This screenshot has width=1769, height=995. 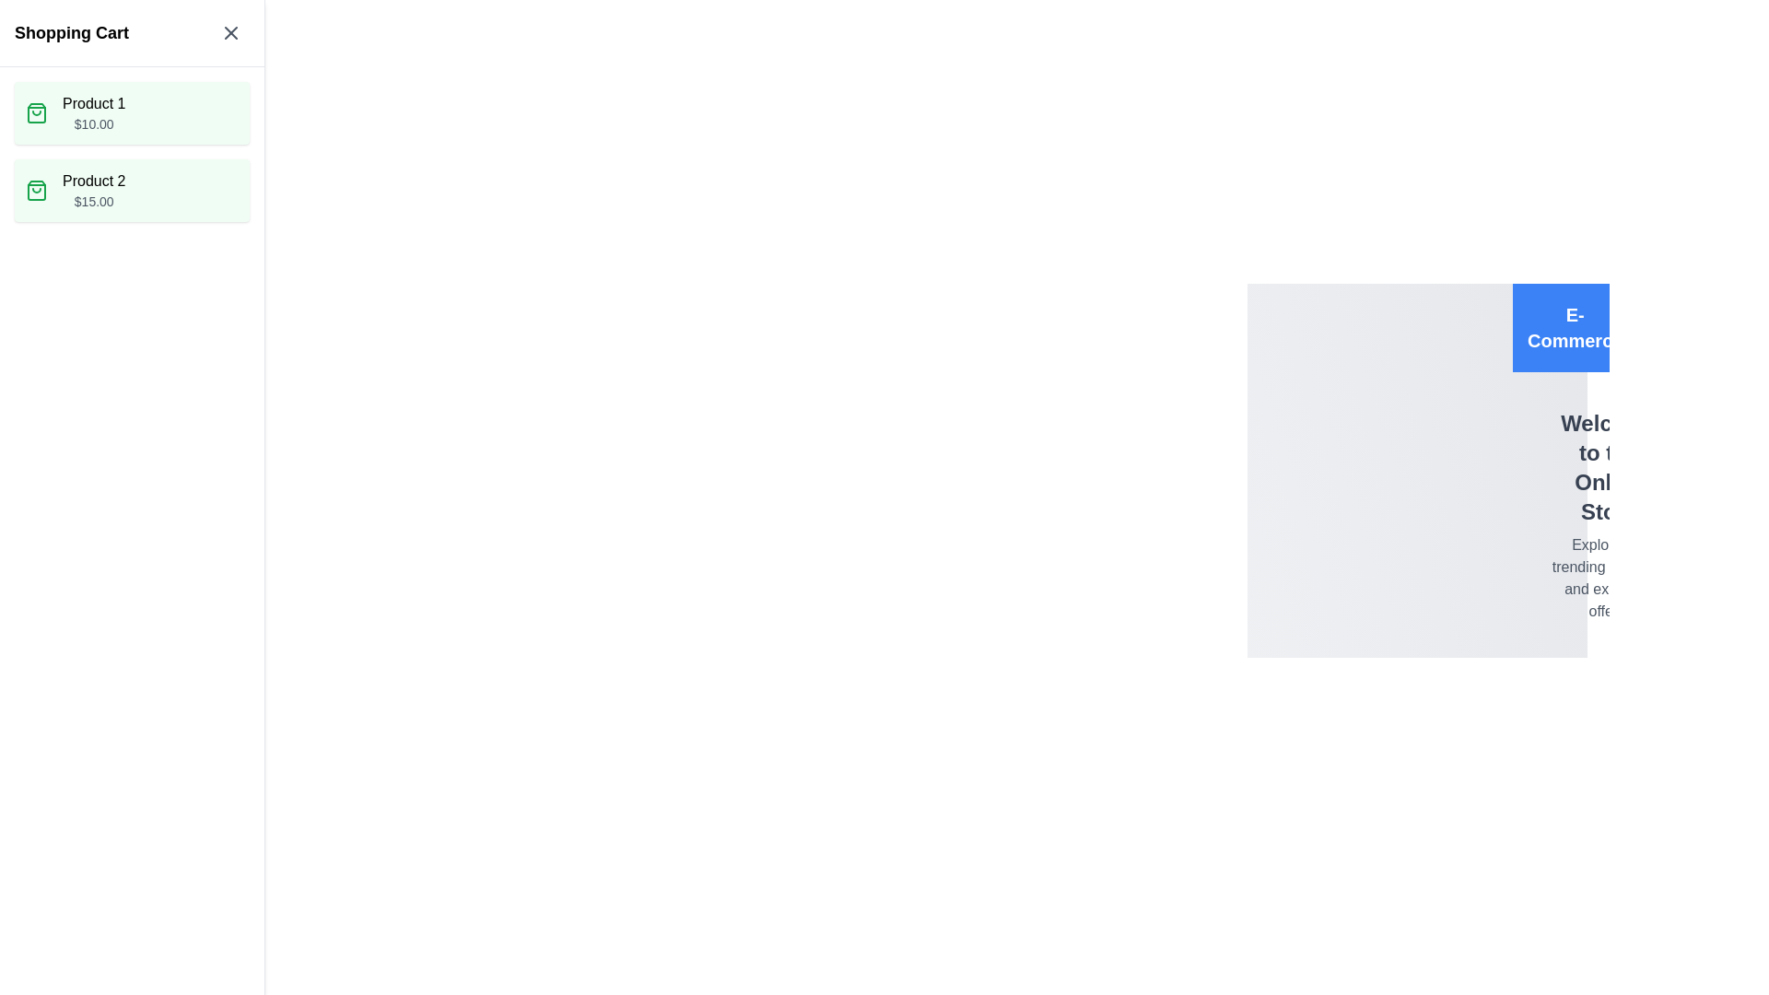 What do you see at coordinates (93, 181) in the screenshot?
I see `text label displaying 'Product 2' located in the shopping cart interface, specifically the top-most label of the entry for 'Product 2'` at bounding box center [93, 181].